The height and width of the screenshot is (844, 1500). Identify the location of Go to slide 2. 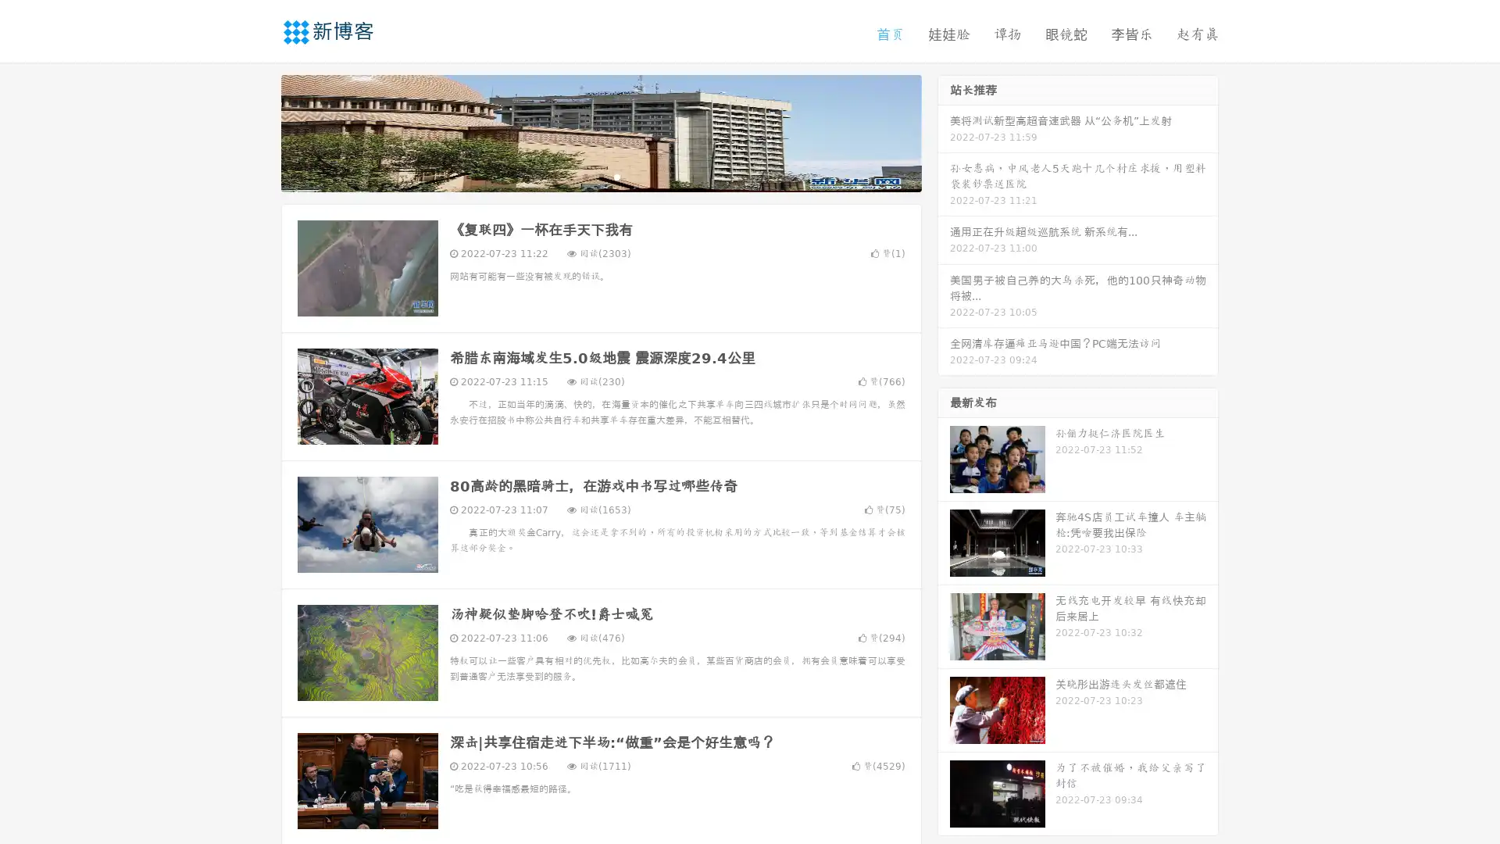
(600, 176).